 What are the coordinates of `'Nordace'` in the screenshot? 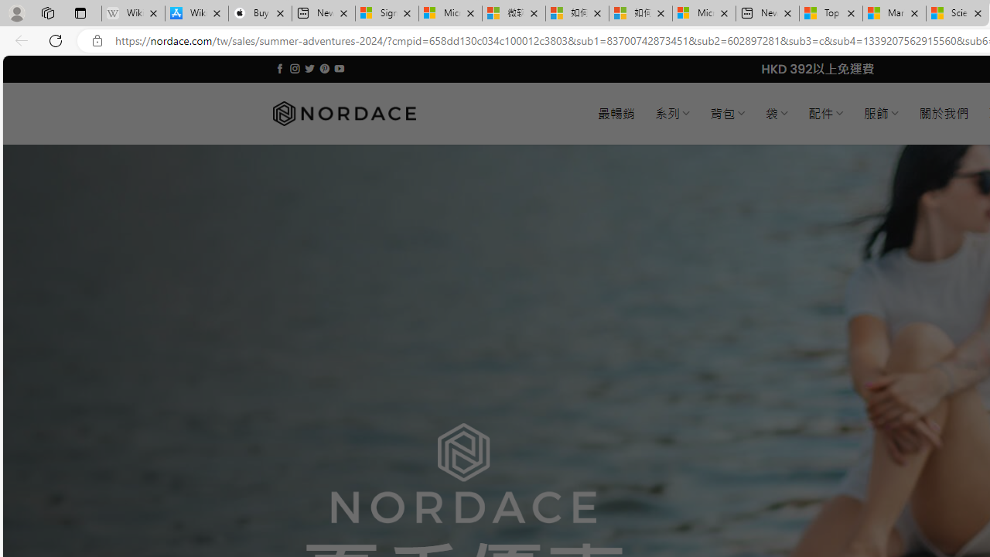 It's located at (343, 113).